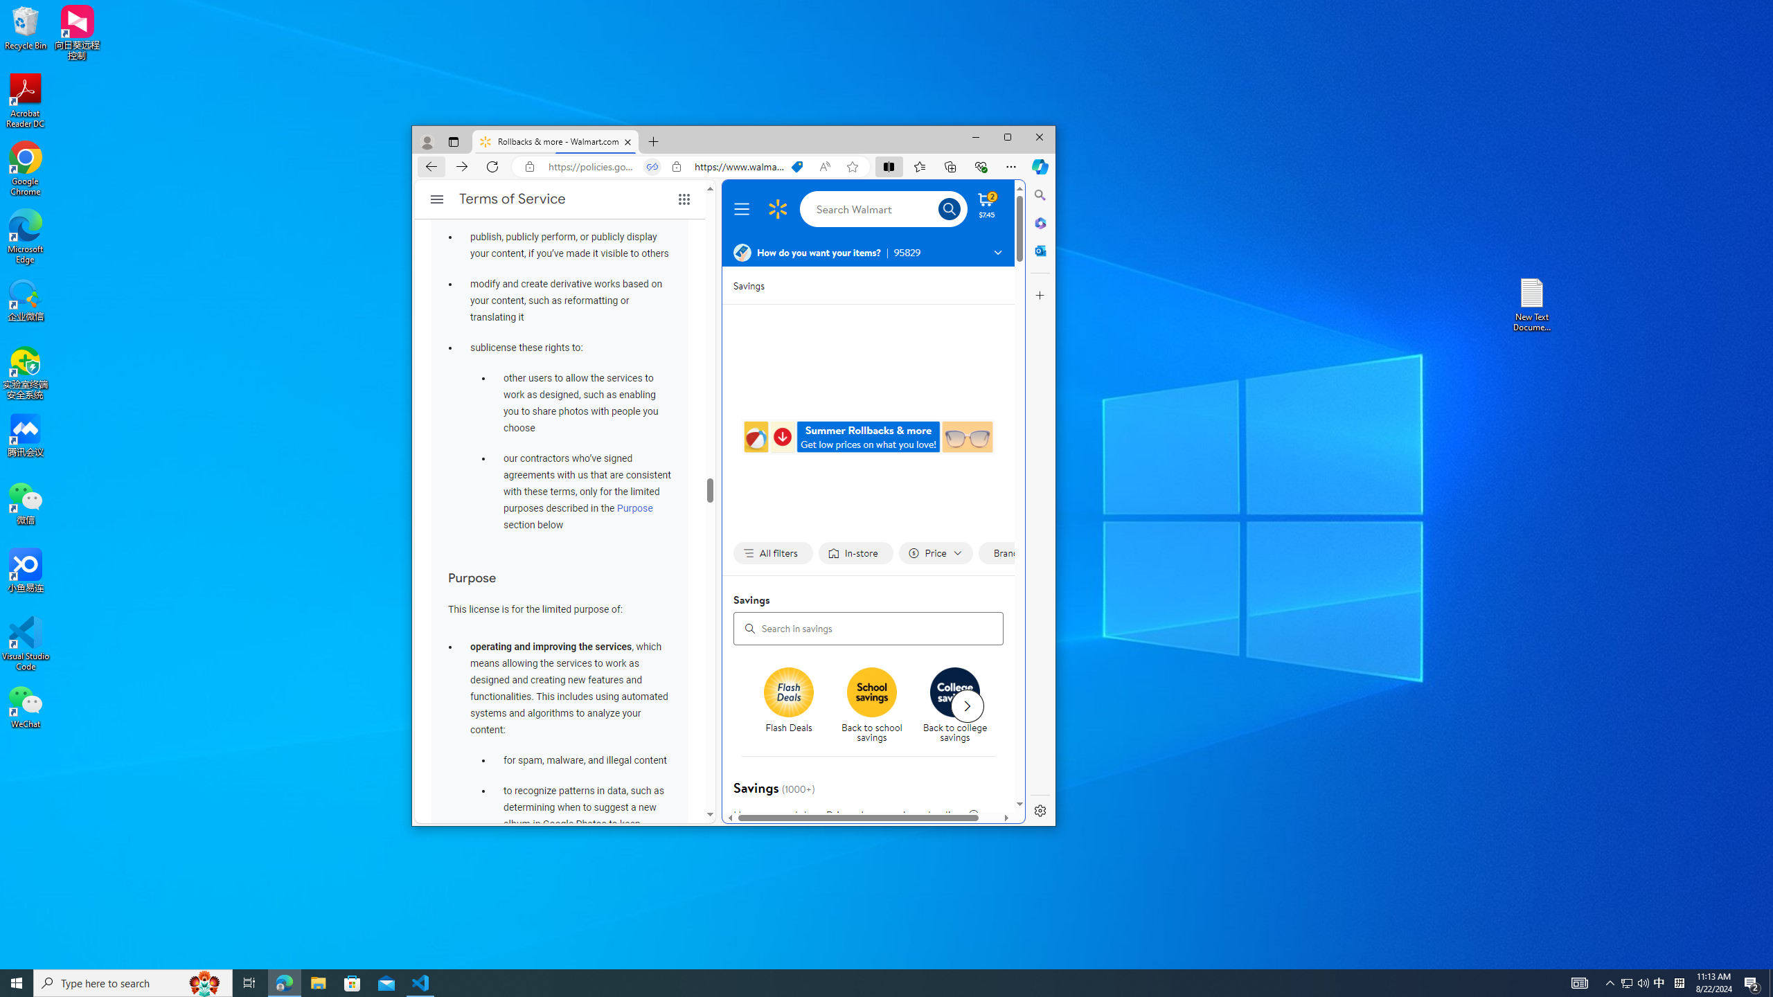  I want to click on 'Tabs in split screen', so click(652, 166).